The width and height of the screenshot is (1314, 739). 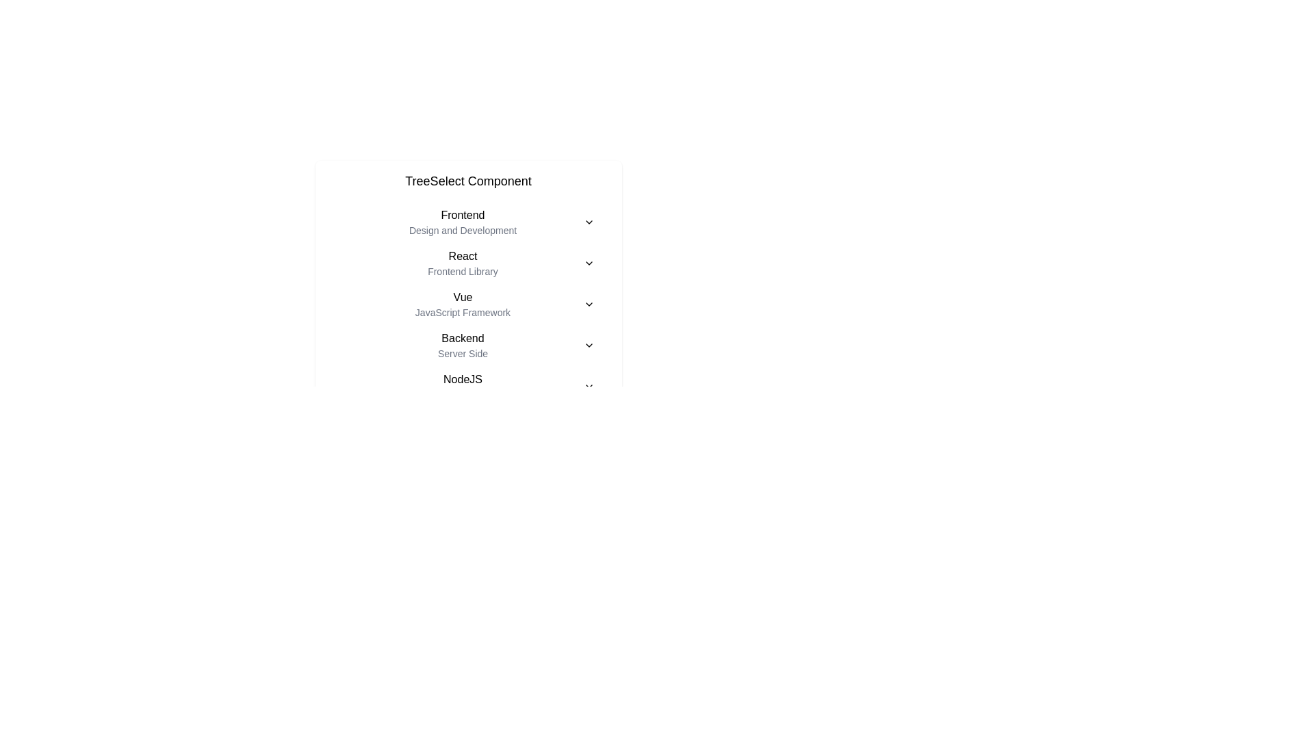 What do you see at coordinates (468, 263) in the screenshot?
I see `the 'React' selection item, which displays the text 'React' above 'Frontend Library' and has a chevron icon aligned to the right` at bounding box center [468, 263].